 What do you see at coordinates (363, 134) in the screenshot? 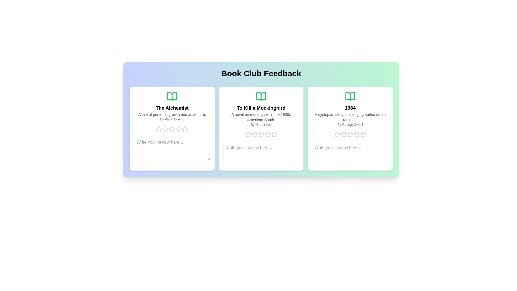
I see `the fifth star rating icon for the book '1984', which is part of a star rating system and is light gray with a thin stroke outline` at bounding box center [363, 134].